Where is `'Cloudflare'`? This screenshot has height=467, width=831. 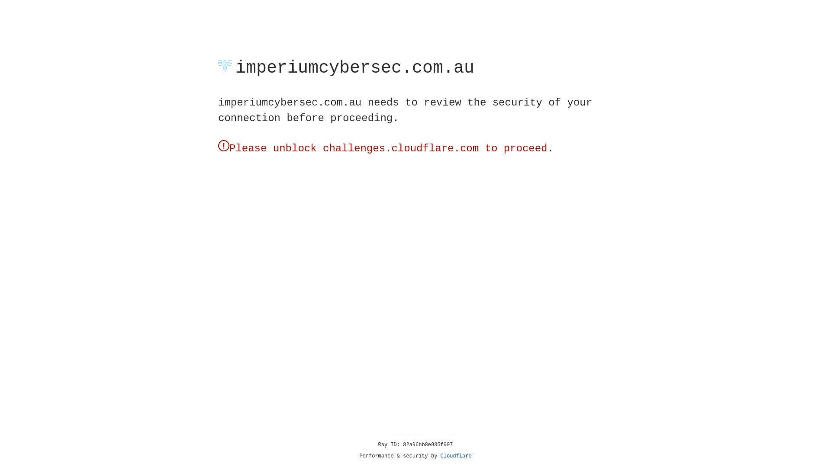
'Cloudflare' is located at coordinates (456, 456).